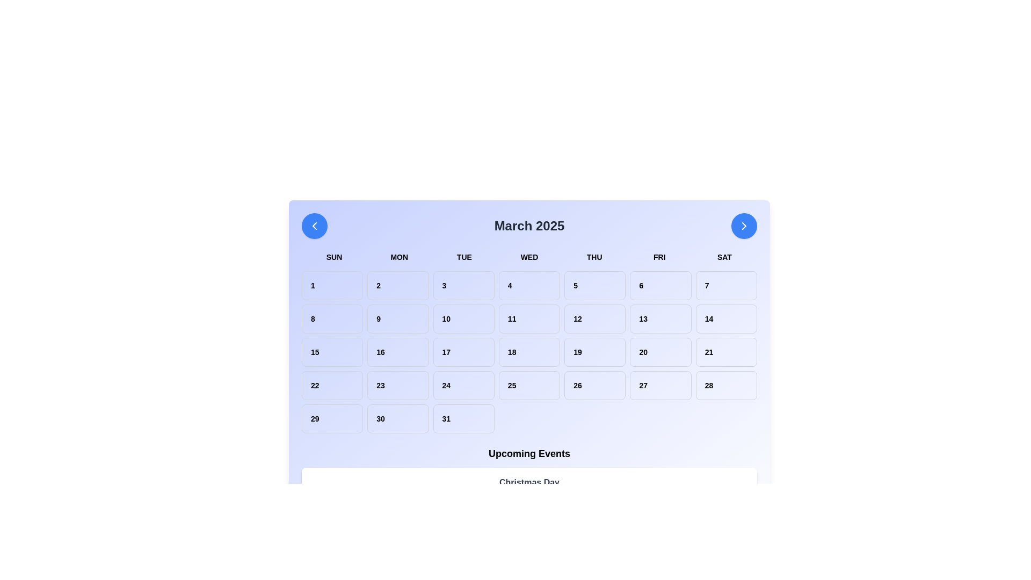  I want to click on the row header of the calendar that displays abbreviated day names ('Sun', 'Mon', 'Tue', 'Wed', 'Thu', 'Fri', 'Sat') positioned below the calendar title and above the date grid, so click(529, 257).